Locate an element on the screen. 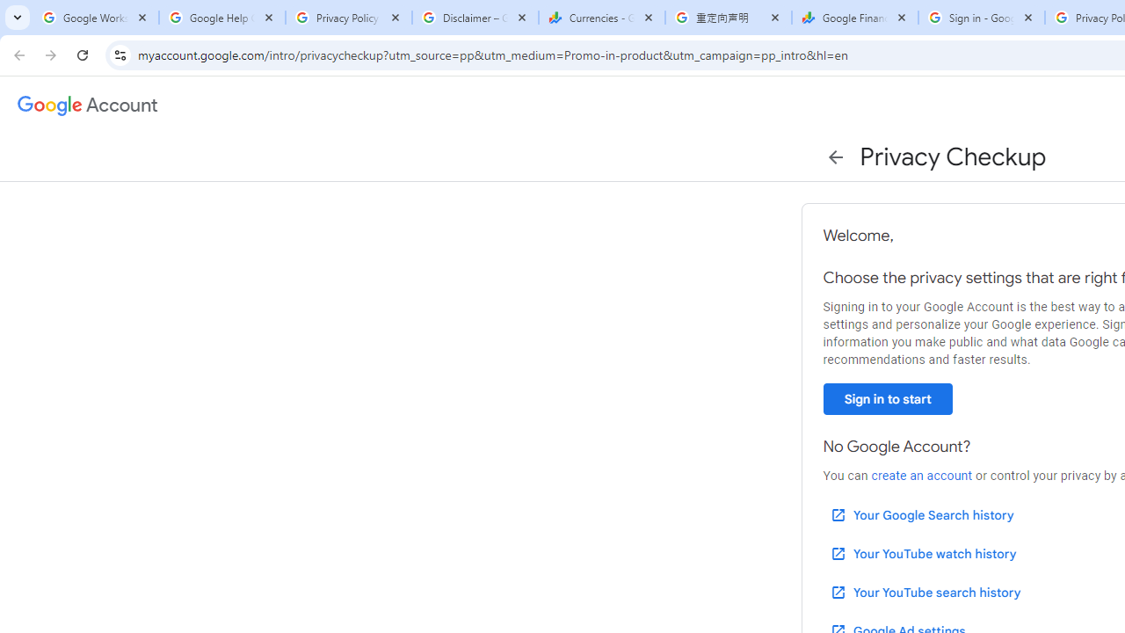 Image resolution: width=1125 pixels, height=633 pixels. 'Google Workspace Admin Community' is located at coordinates (94, 18).